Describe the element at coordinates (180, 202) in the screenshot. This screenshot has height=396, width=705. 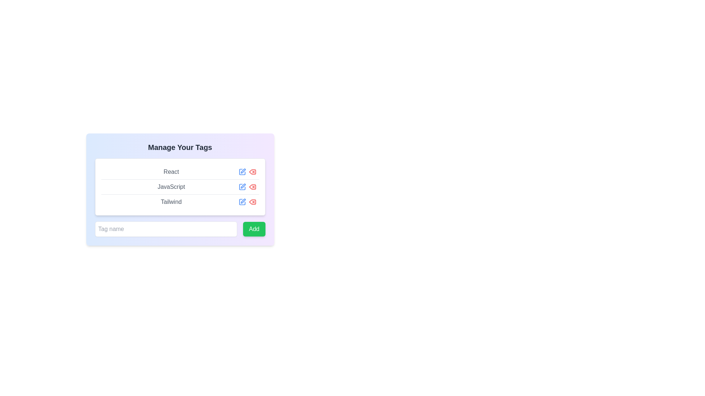
I see `and drop the 'Tailwind' list item` at that location.